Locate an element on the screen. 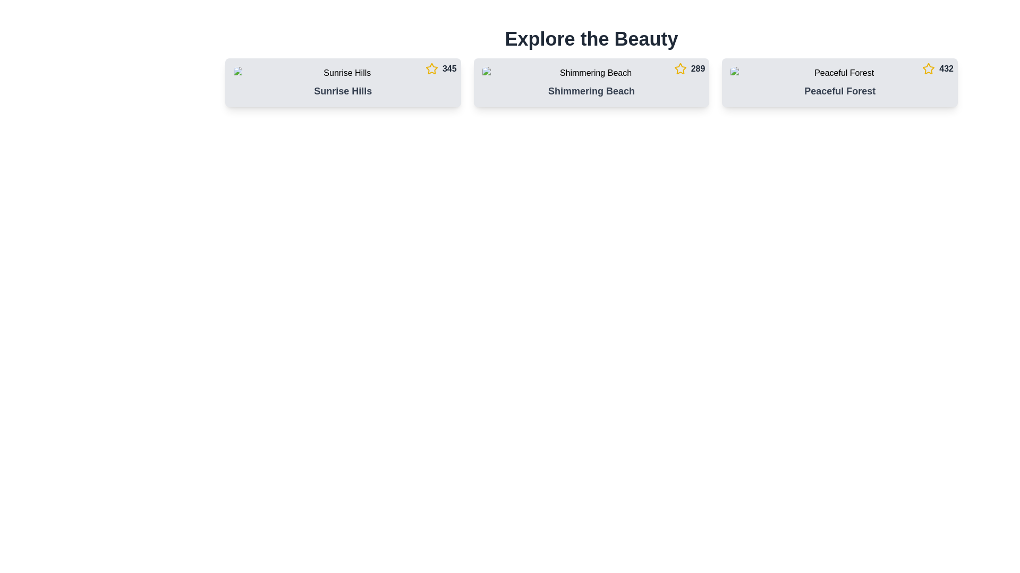 The width and height of the screenshot is (1020, 573). the image with rounded corners and a light grey background in the third column of the grid layout to enlarge it or navigate to related content is located at coordinates (839, 73).